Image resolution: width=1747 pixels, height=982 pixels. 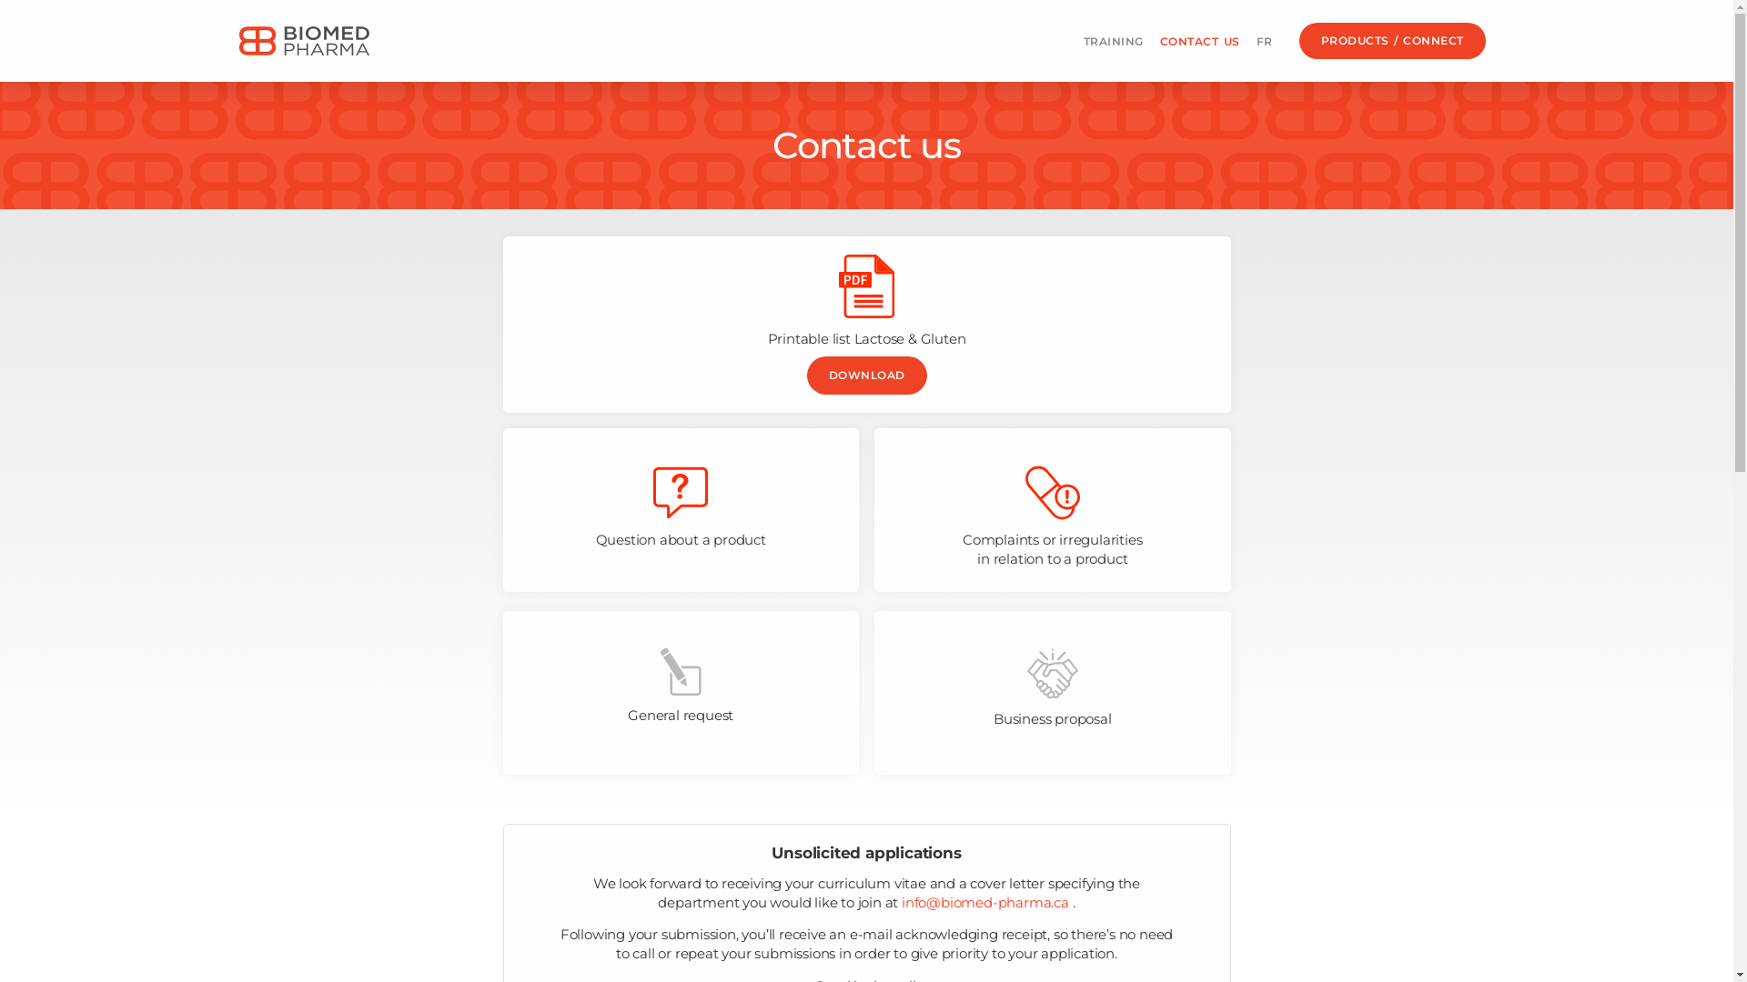 What do you see at coordinates (1264, 41) in the screenshot?
I see `'FR'` at bounding box center [1264, 41].